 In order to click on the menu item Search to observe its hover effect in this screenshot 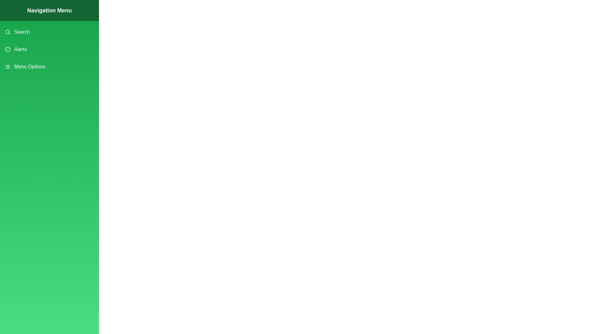, I will do `click(49, 32)`.